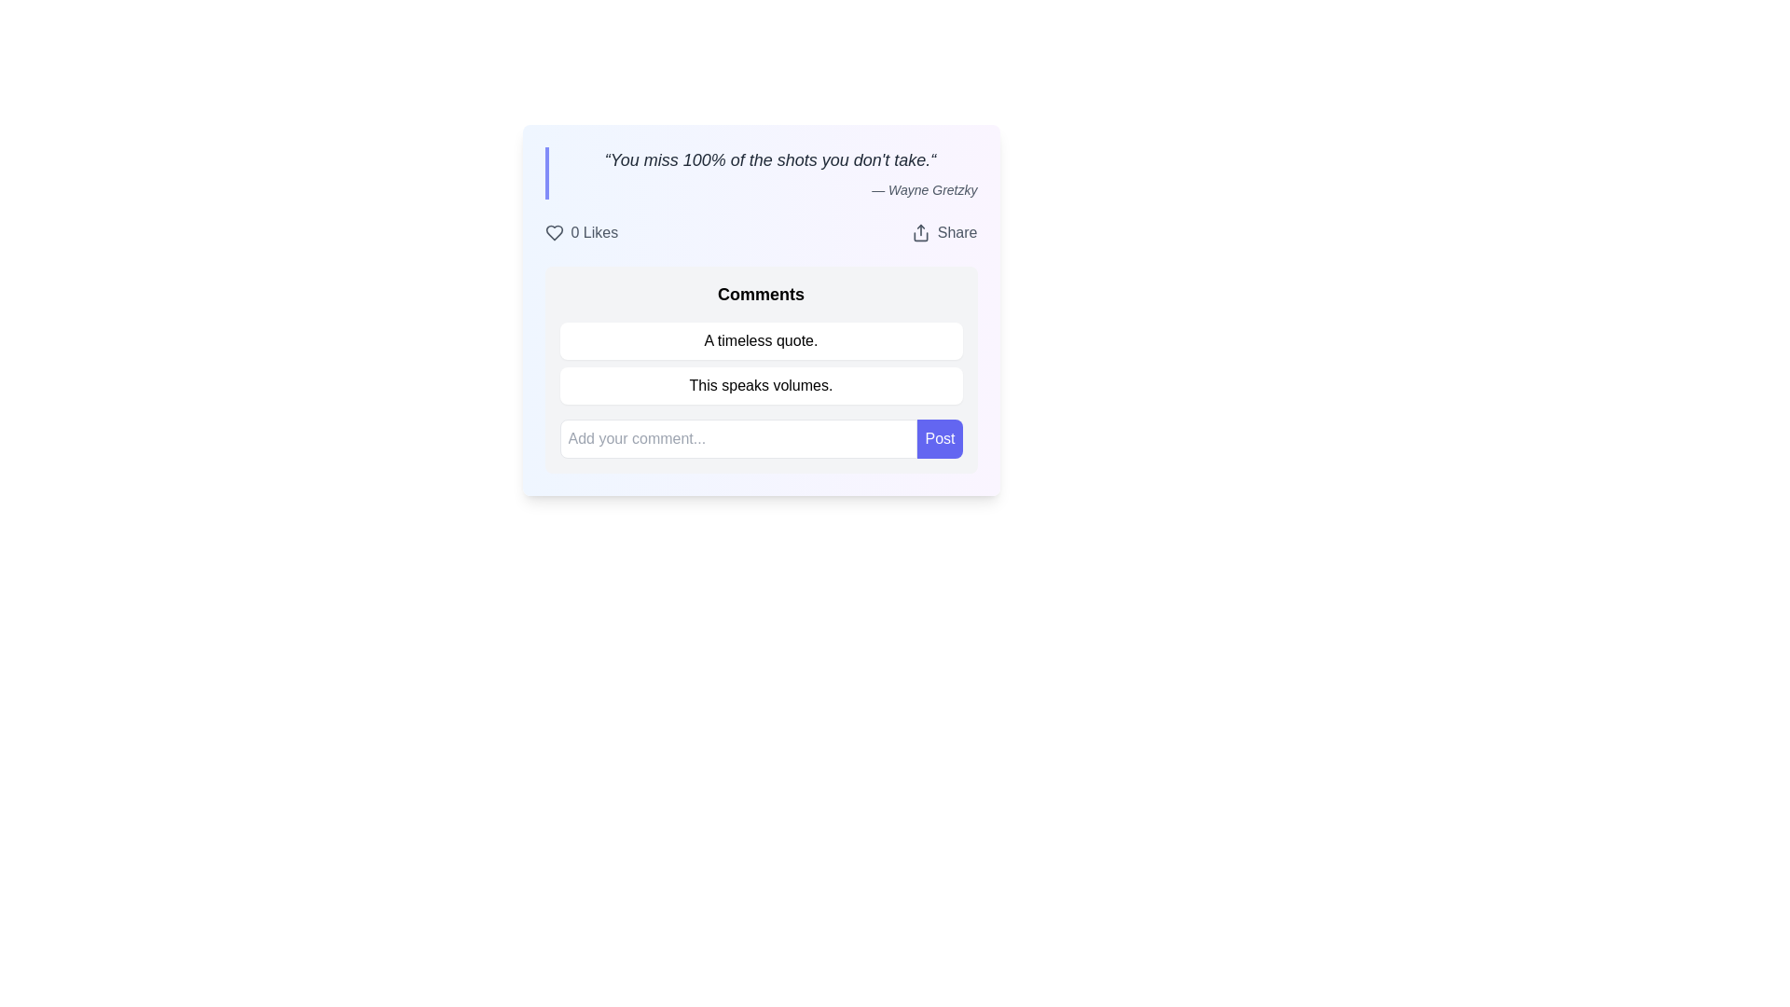 This screenshot has width=1790, height=1007. Describe the element at coordinates (944, 232) in the screenshot. I see `the 'Share' button with an upward arrow icon to observe the style change from gray to blue` at that location.